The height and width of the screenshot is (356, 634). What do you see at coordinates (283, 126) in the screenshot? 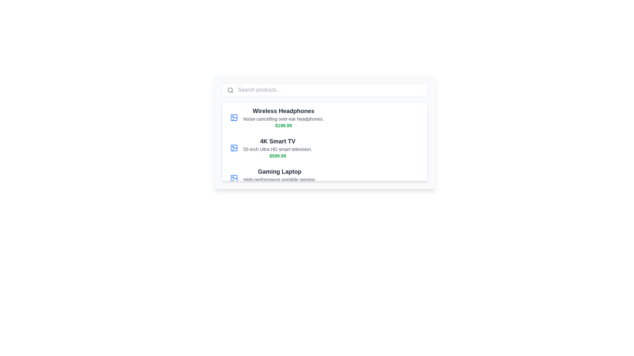
I see `price information displayed as "$199.99" in a green, slightly bold font, positioned beneath the product titled "Wireless Headphones"` at bounding box center [283, 126].